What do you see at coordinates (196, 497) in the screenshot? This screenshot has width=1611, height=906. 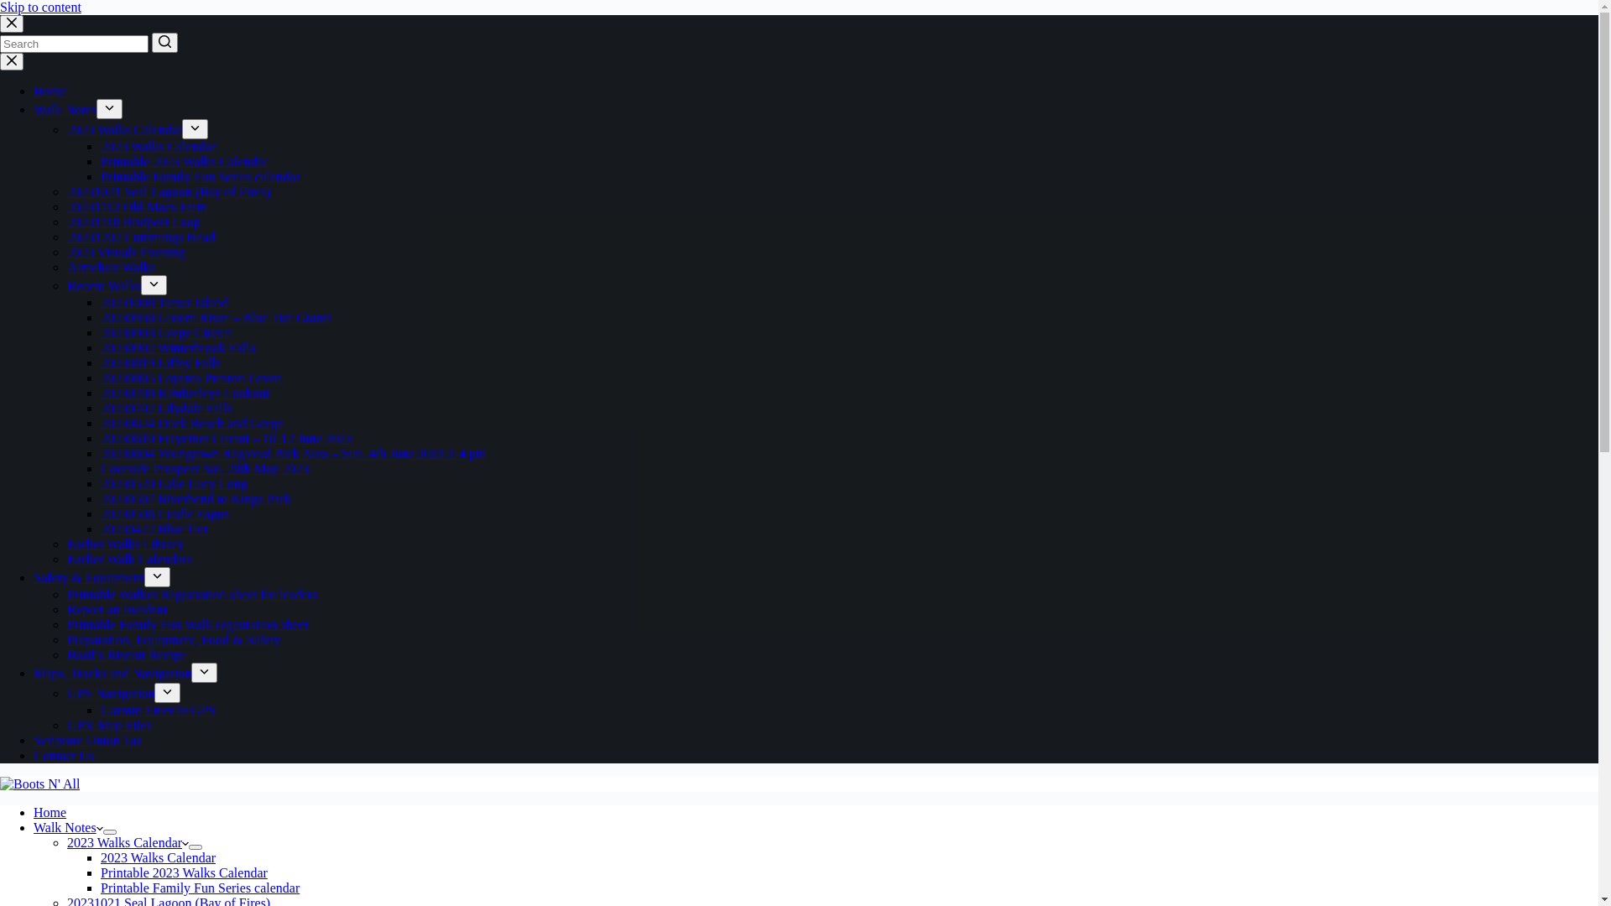 I see `'20230507 Riverbend to Kings Park'` at bounding box center [196, 497].